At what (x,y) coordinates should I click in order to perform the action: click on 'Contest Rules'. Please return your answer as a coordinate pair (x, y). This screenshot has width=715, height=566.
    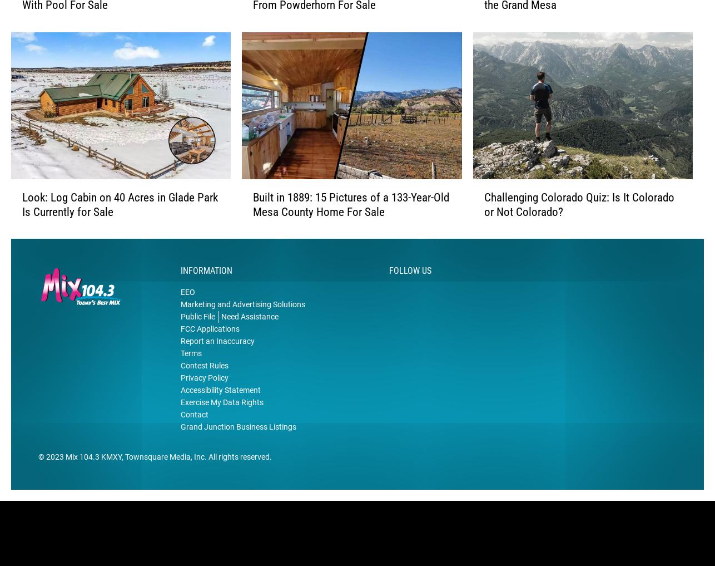
    Looking at the image, I should click on (180, 383).